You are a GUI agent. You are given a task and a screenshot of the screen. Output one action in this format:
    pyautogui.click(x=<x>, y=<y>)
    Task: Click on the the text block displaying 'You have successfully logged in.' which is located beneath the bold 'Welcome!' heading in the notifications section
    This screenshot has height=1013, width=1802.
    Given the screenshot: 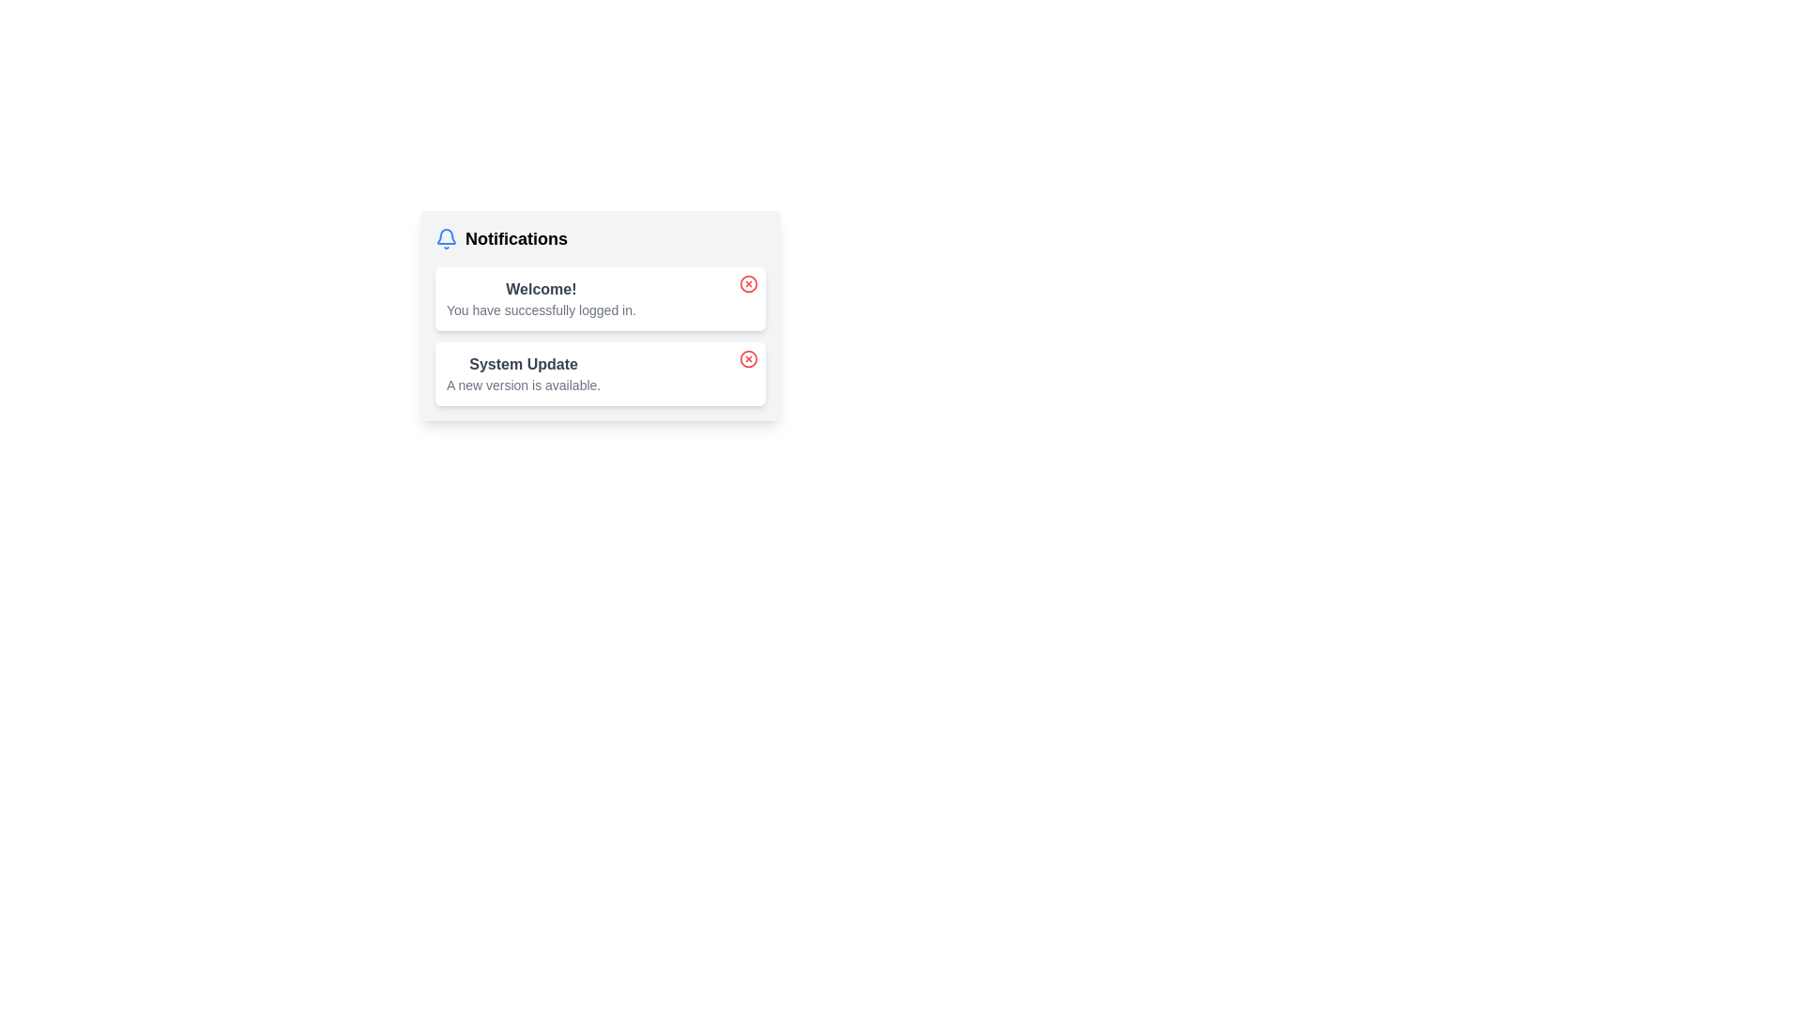 What is the action you would take?
    pyautogui.click(x=540, y=310)
    